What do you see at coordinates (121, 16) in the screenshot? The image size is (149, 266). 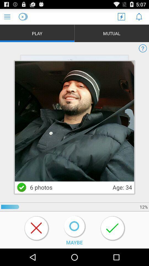 I see `the icon which is left side of the bell icon` at bounding box center [121, 16].